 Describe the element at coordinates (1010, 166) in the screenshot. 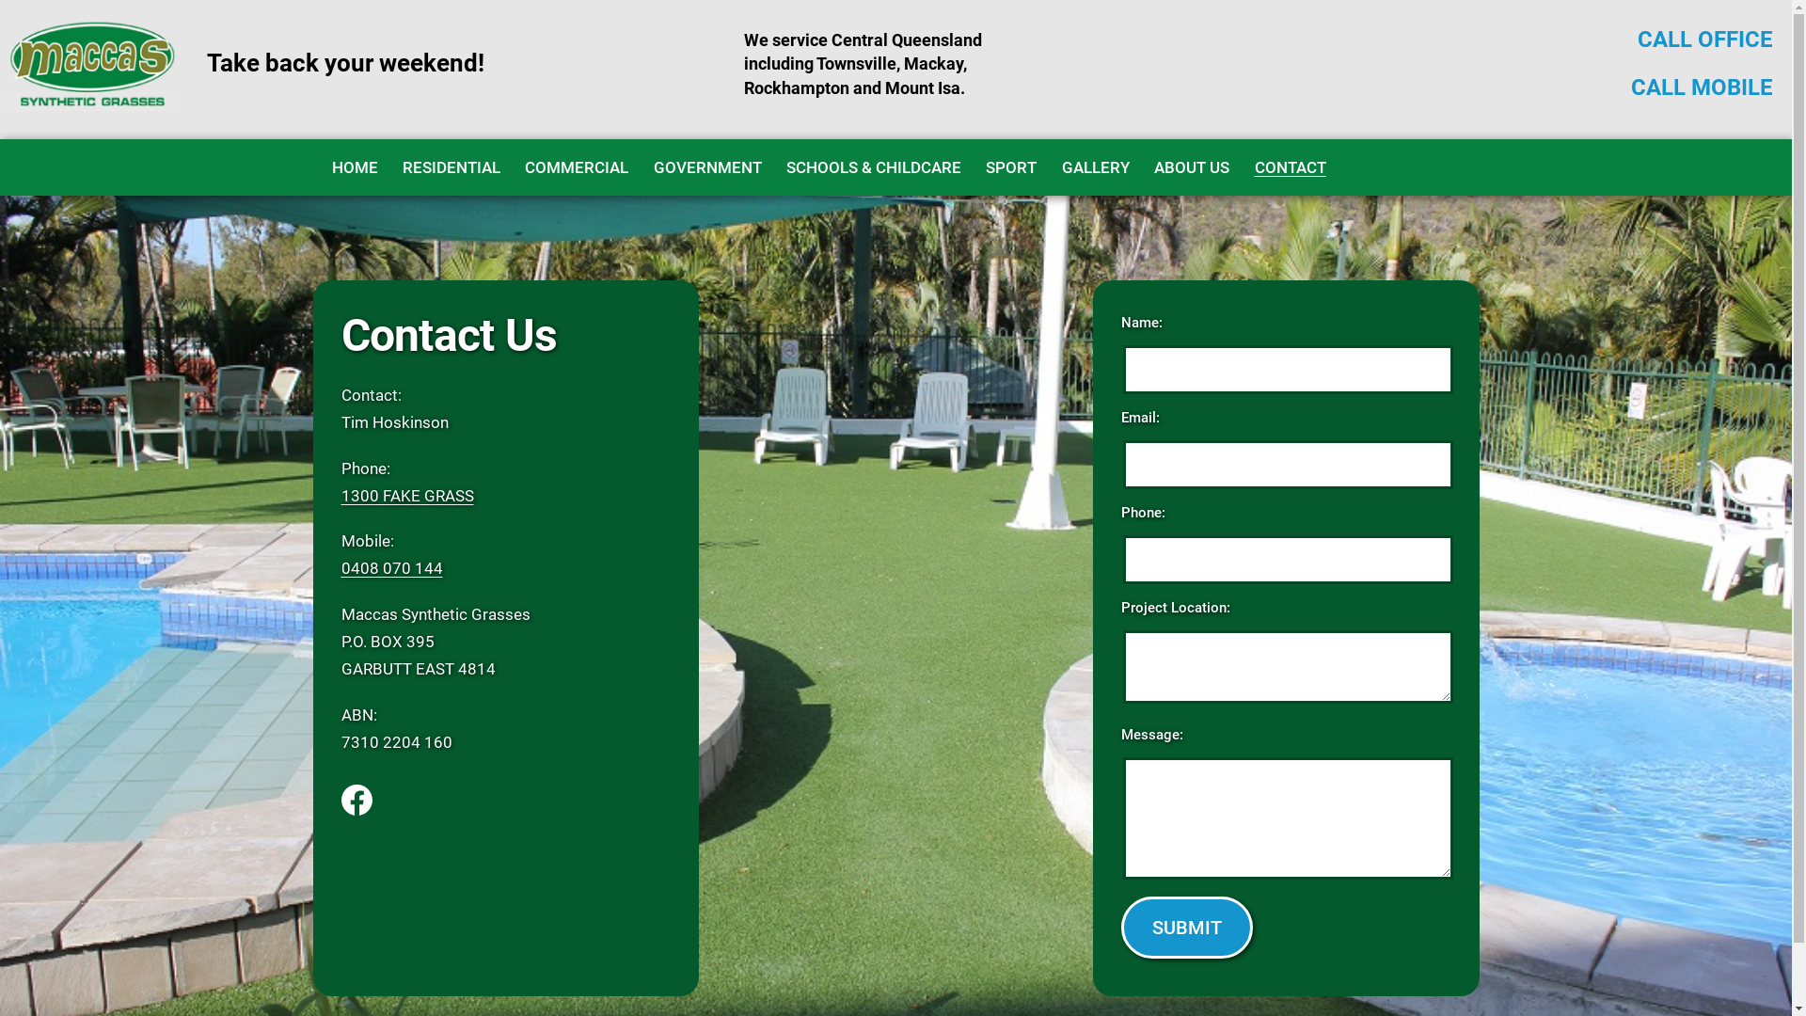

I see `'SPORT'` at that location.